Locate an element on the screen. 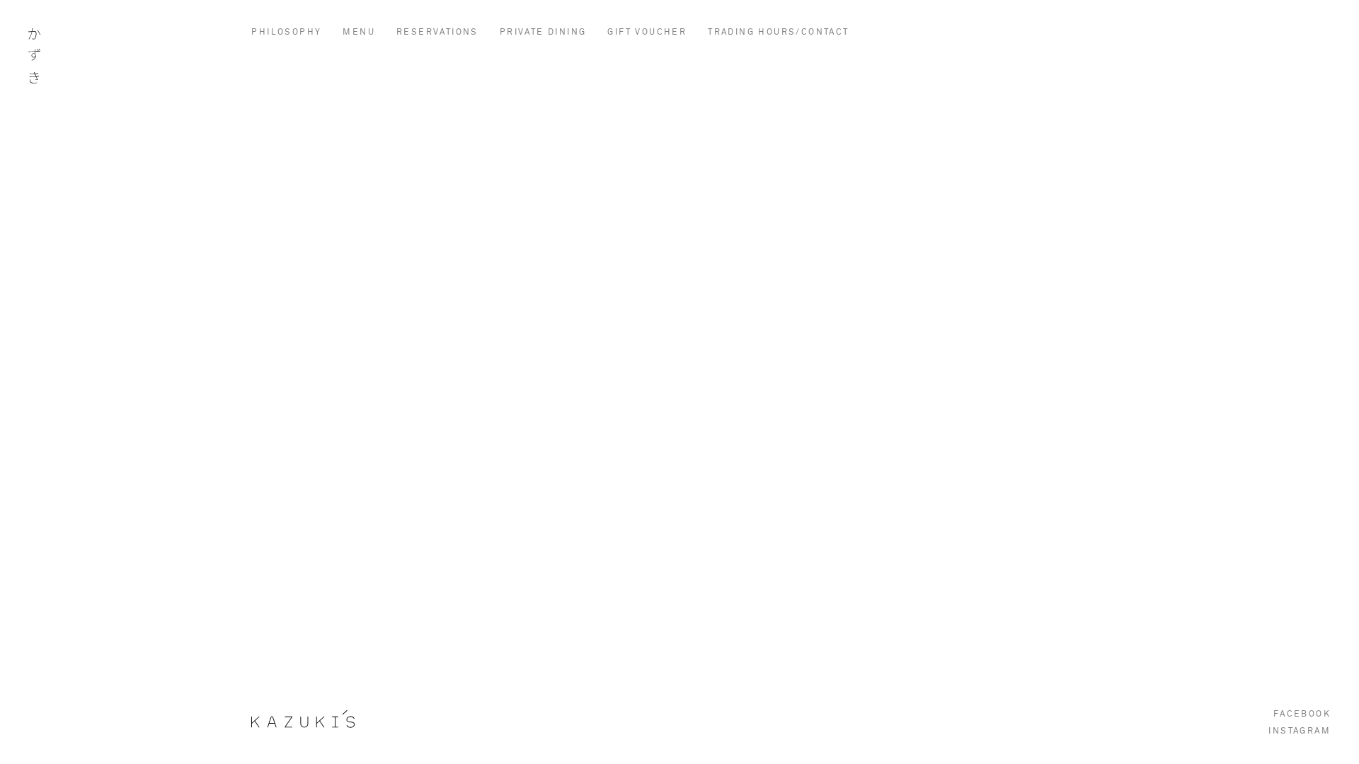 This screenshot has height=764, width=1359. 'FACEBOOK' is located at coordinates (1302, 714).